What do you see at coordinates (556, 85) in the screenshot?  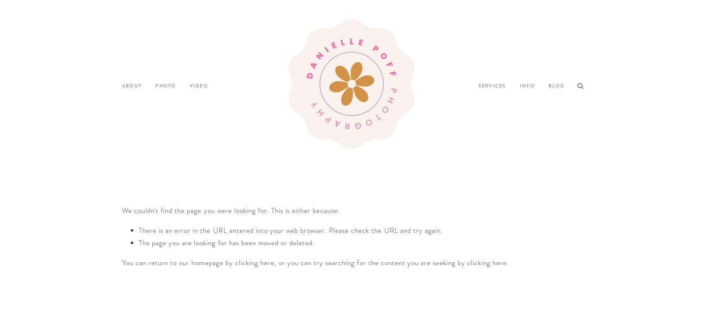 I see `'Blog'` at bounding box center [556, 85].